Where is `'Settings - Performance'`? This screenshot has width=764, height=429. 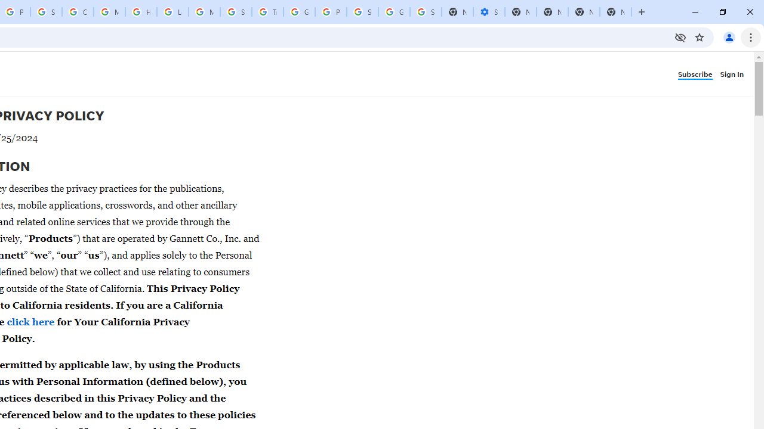 'Settings - Performance' is located at coordinates (489, 12).